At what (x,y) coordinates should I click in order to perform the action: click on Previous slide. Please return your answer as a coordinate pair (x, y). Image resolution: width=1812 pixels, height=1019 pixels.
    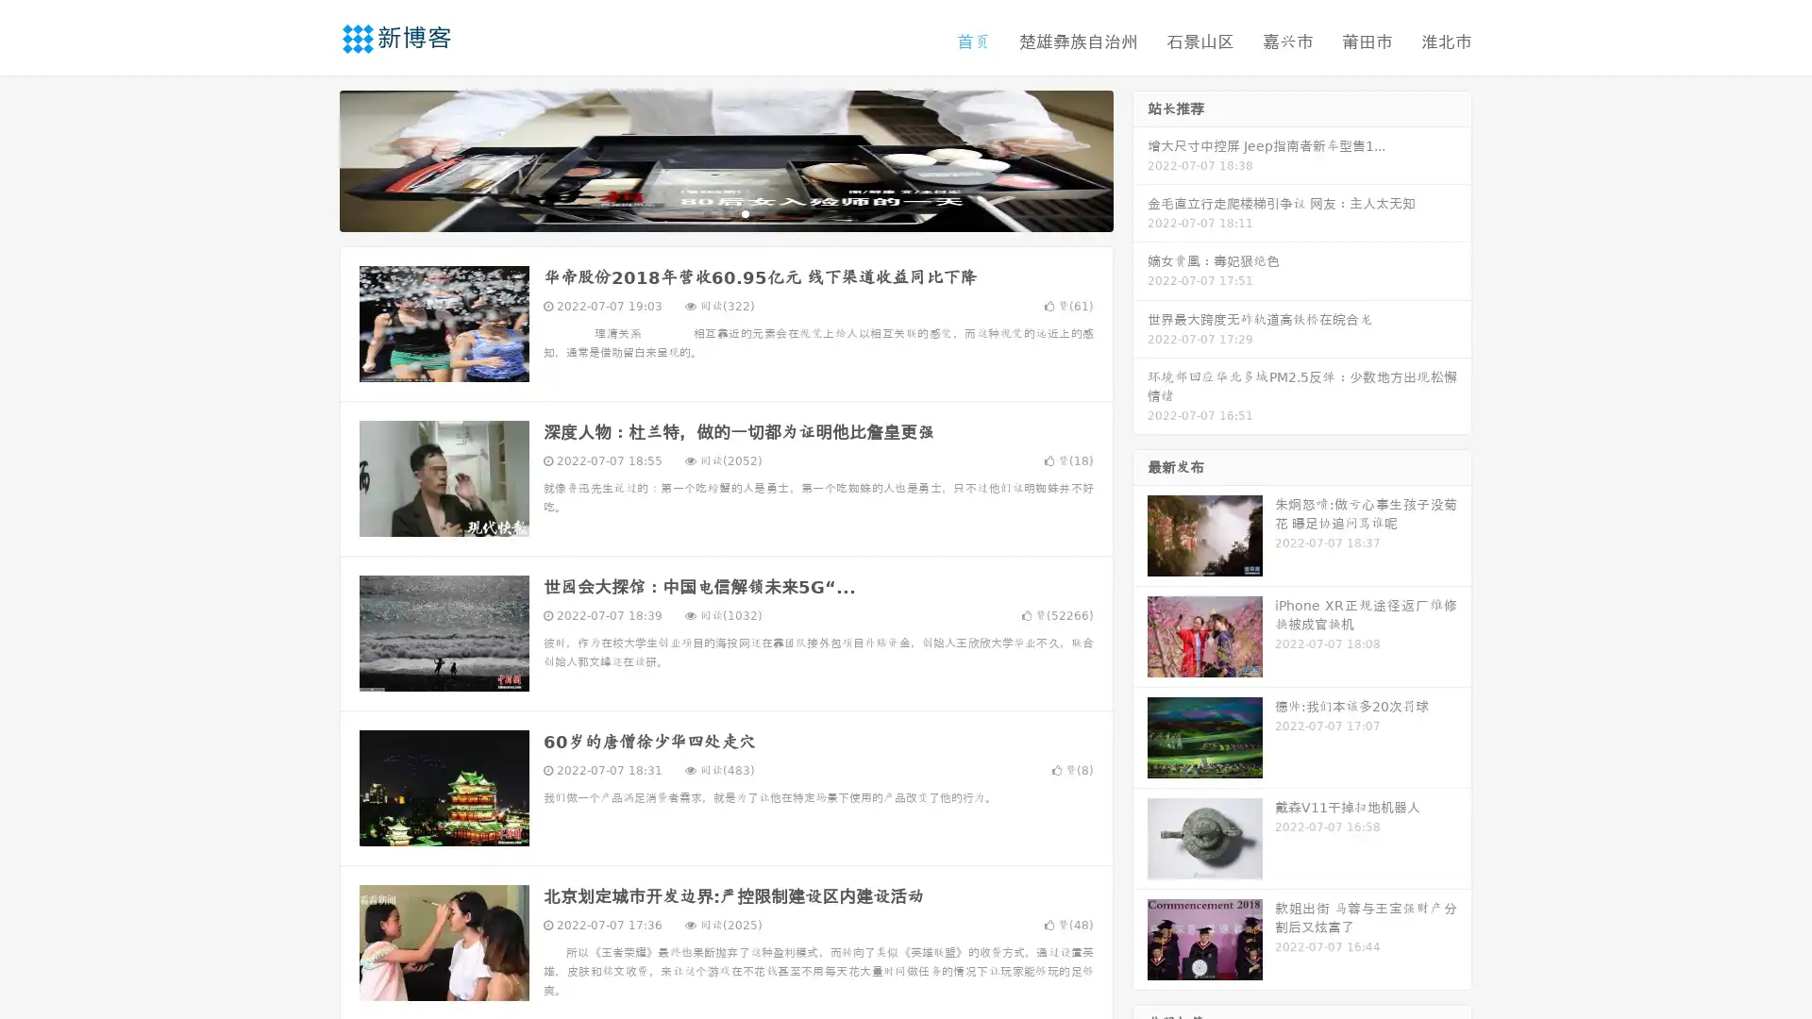
    Looking at the image, I should click on (311, 159).